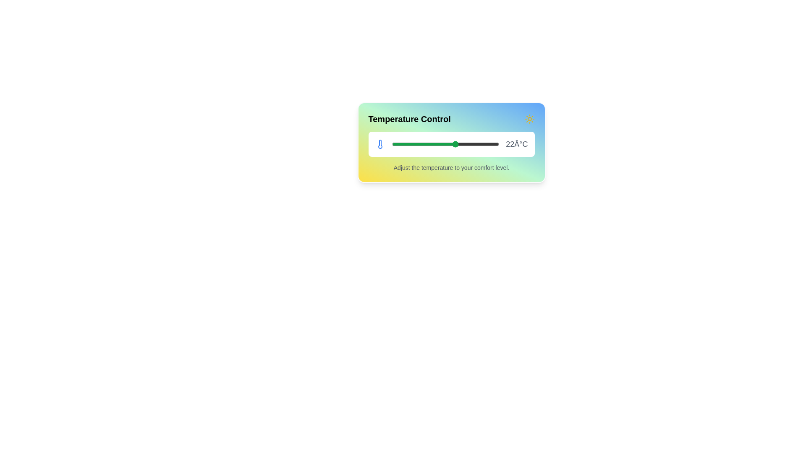  Describe the element at coordinates (424, 143) in the screenshot. I see `temperature` at that location.